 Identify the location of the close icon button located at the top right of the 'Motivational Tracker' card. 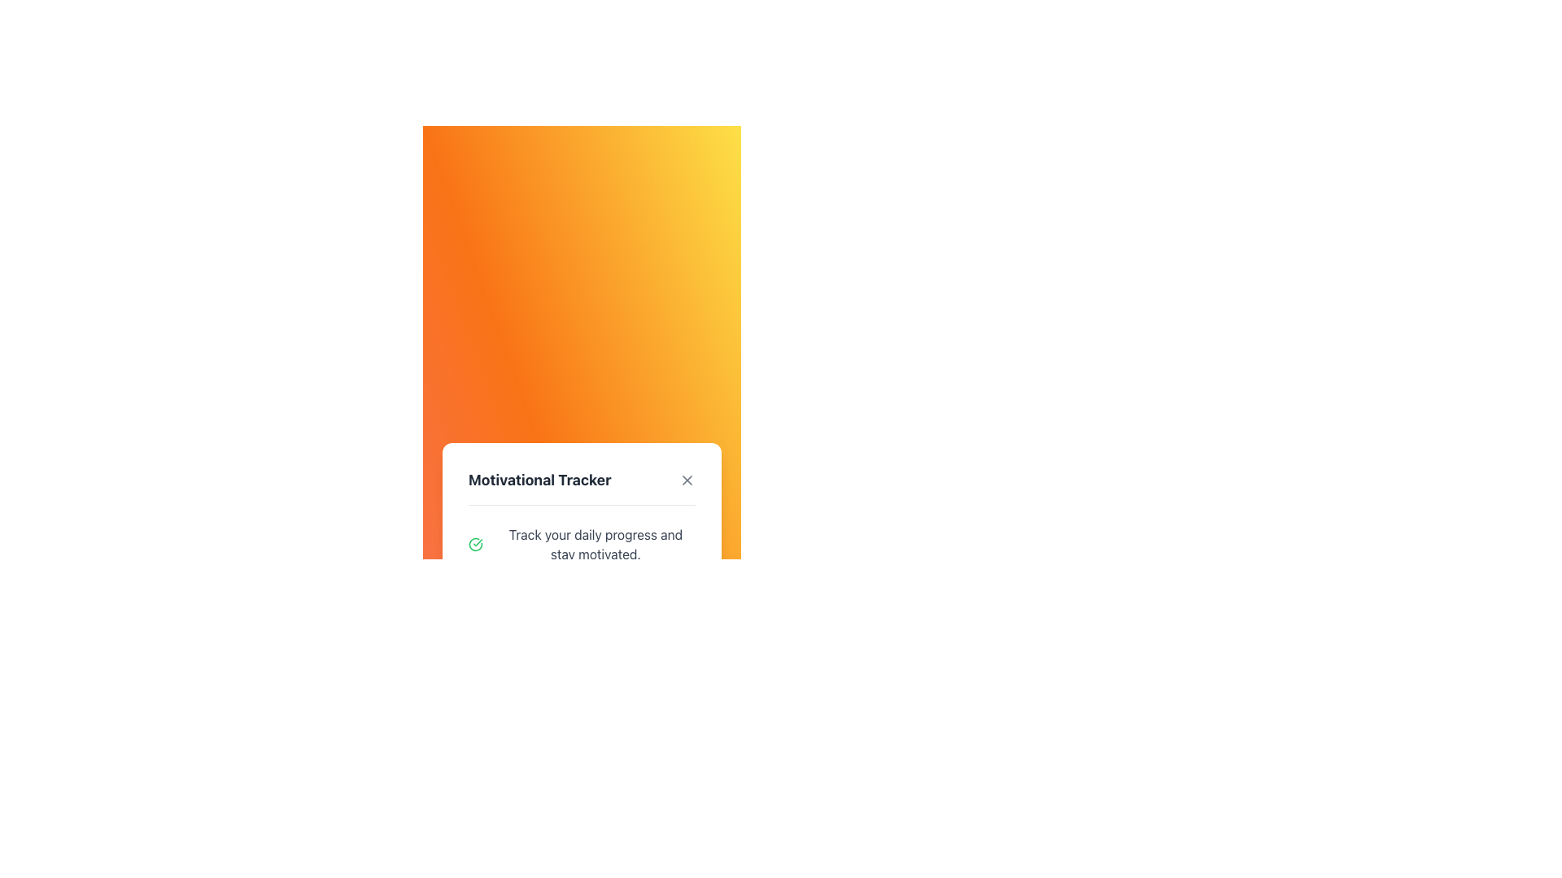
(687, 479).